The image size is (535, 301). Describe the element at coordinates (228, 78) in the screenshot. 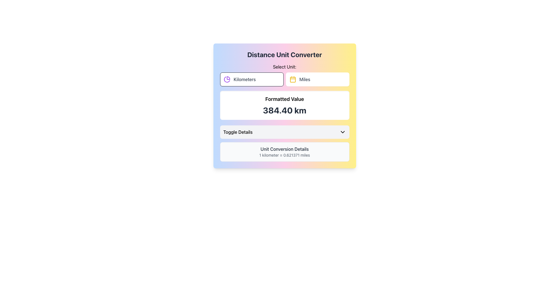

I see `the small pie-chart icon styled with a bold purple color, located on the left side of the 'Kilometers' button in the unit selection interface` at that location.